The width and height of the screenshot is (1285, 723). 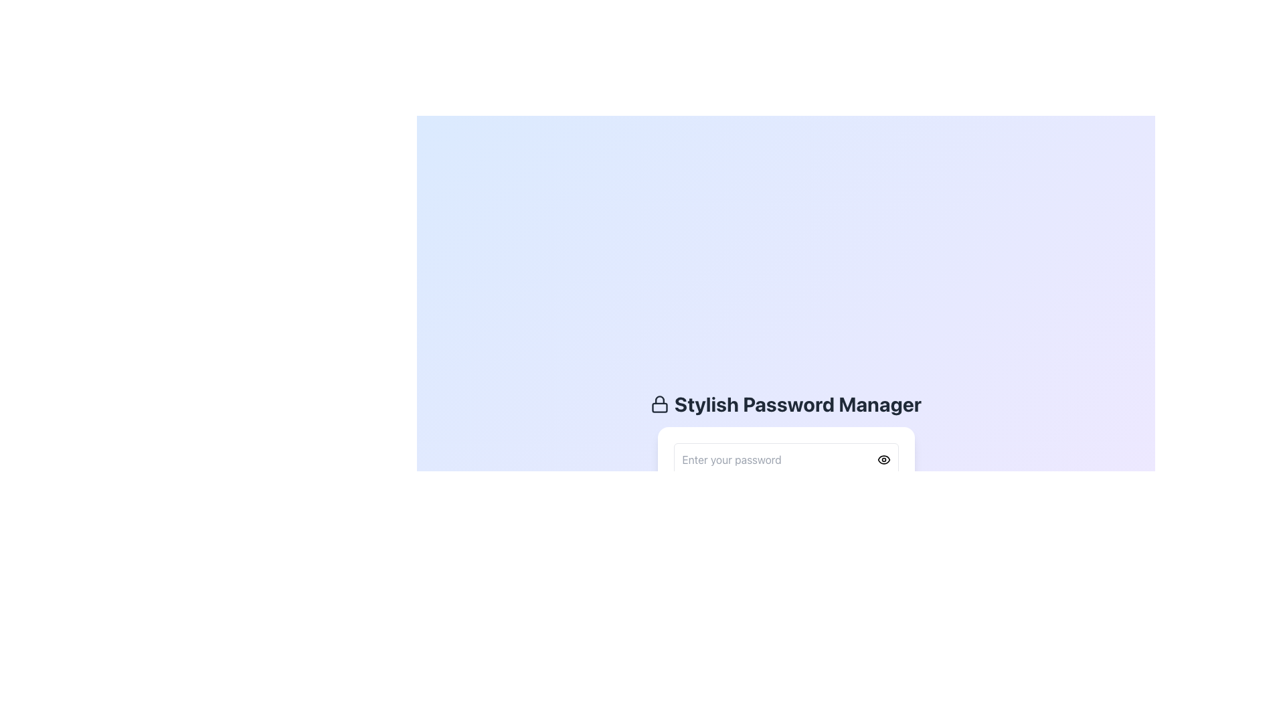 What do you see at coordinates (883, 459) in the screenshot?
I see `the Password visibility toggle button located to the far right of the password input field` at bounding box center [883, 459].